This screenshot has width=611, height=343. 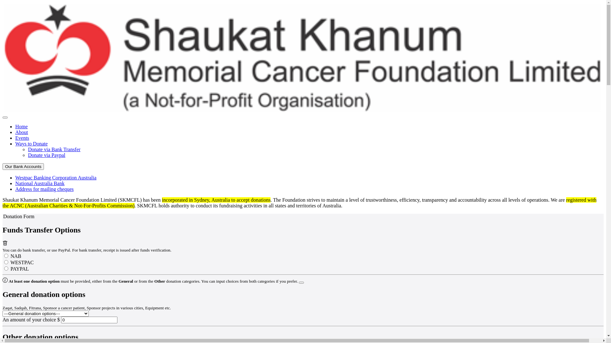 What do you see at coordinates (23, 166) in the screenshot?
I see `'Our Bank Accounts'` at bounding box center [23, 166].